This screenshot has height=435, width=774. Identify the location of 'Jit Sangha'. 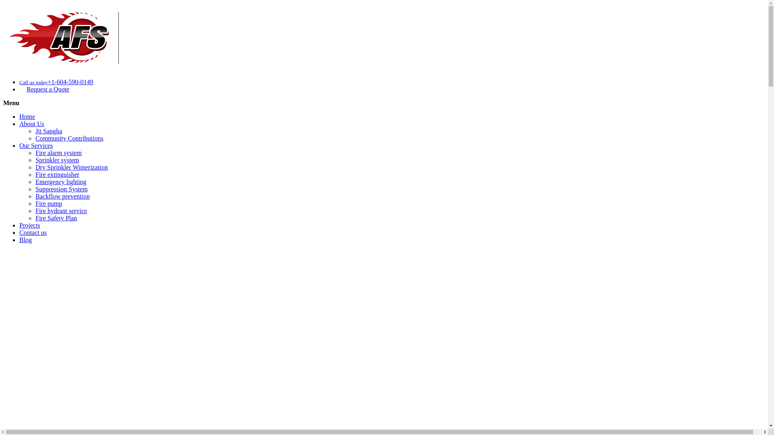
(48, 130).